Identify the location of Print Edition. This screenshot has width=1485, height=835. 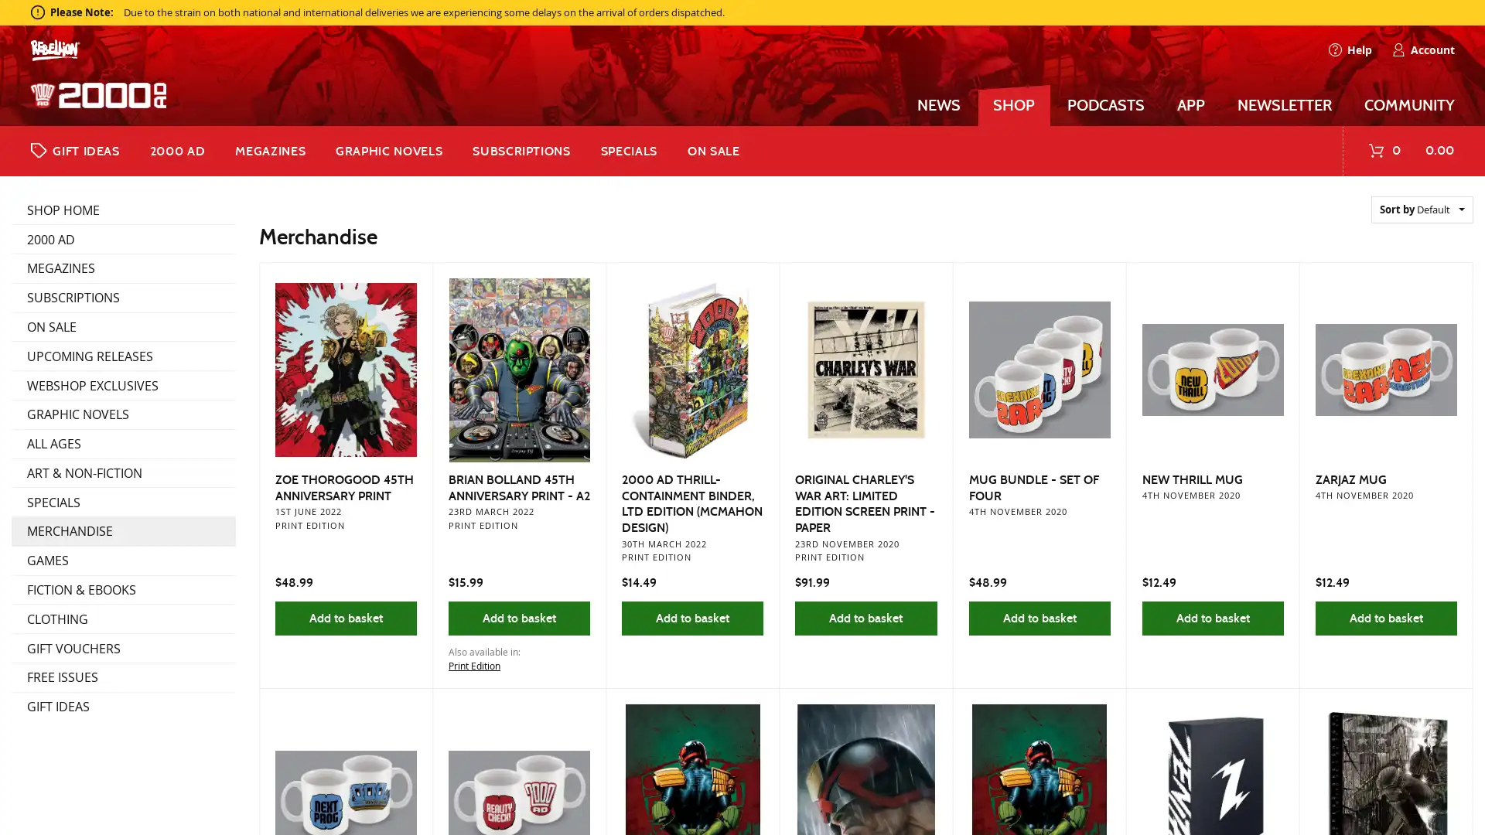
(473, 664).